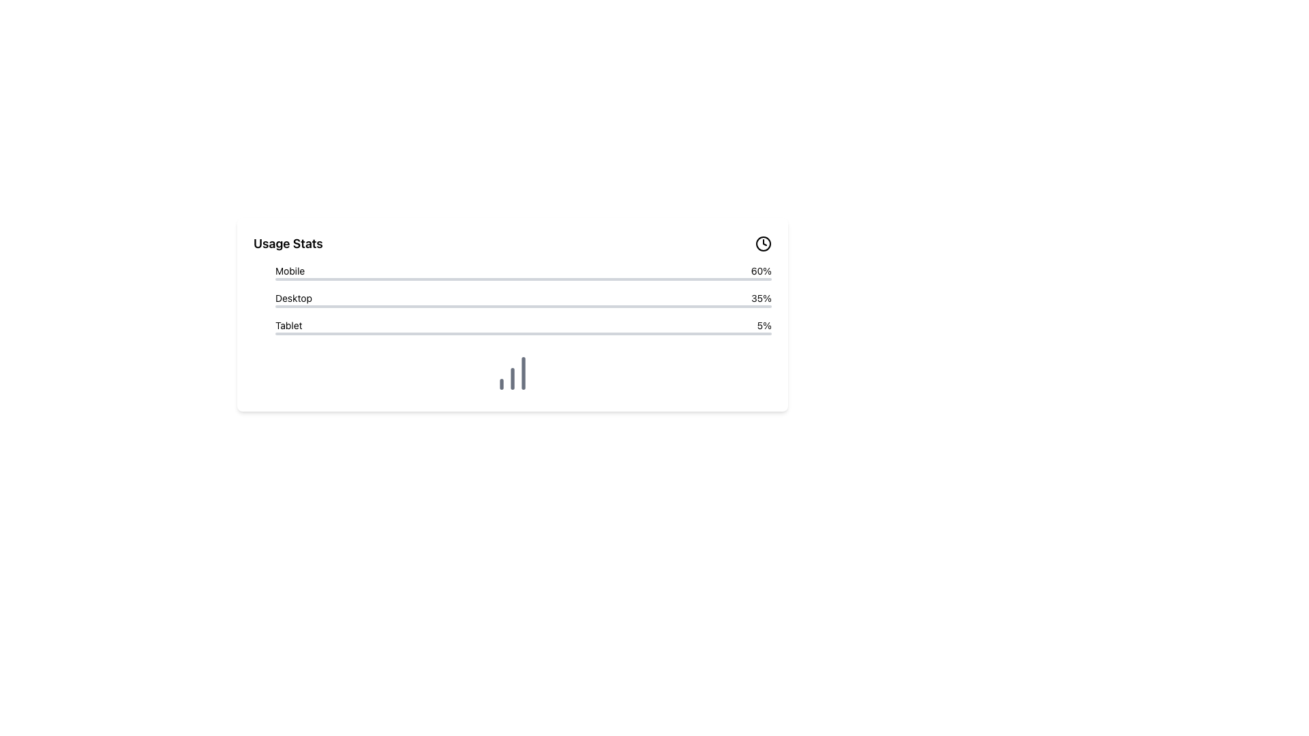  Describe the element at coordinates (762, 243) in the screenshot. I see `the decorative or informational icon located at the top-right corner of the 'Usage Stats' section, positioned after the title 'Usage Stats.'` at that location.